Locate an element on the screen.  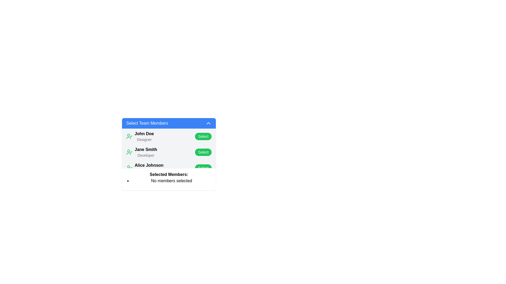
the List item featuring 'Alice Johnson' as a Project Manager, which is the third item in the 'Select Team Members' dropdown menu is located at coordinates (145, 168).